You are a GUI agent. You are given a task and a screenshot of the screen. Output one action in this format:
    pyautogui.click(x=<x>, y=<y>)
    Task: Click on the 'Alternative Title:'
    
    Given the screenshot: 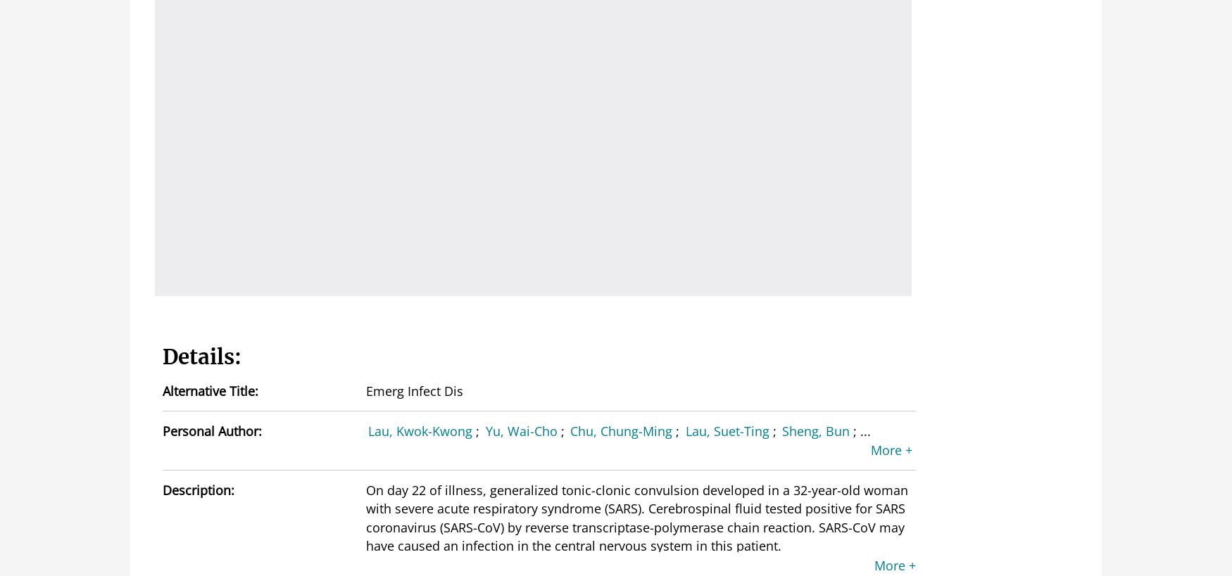 What is the action you would take?
    pyautogui.click(x=210, y=390)
    